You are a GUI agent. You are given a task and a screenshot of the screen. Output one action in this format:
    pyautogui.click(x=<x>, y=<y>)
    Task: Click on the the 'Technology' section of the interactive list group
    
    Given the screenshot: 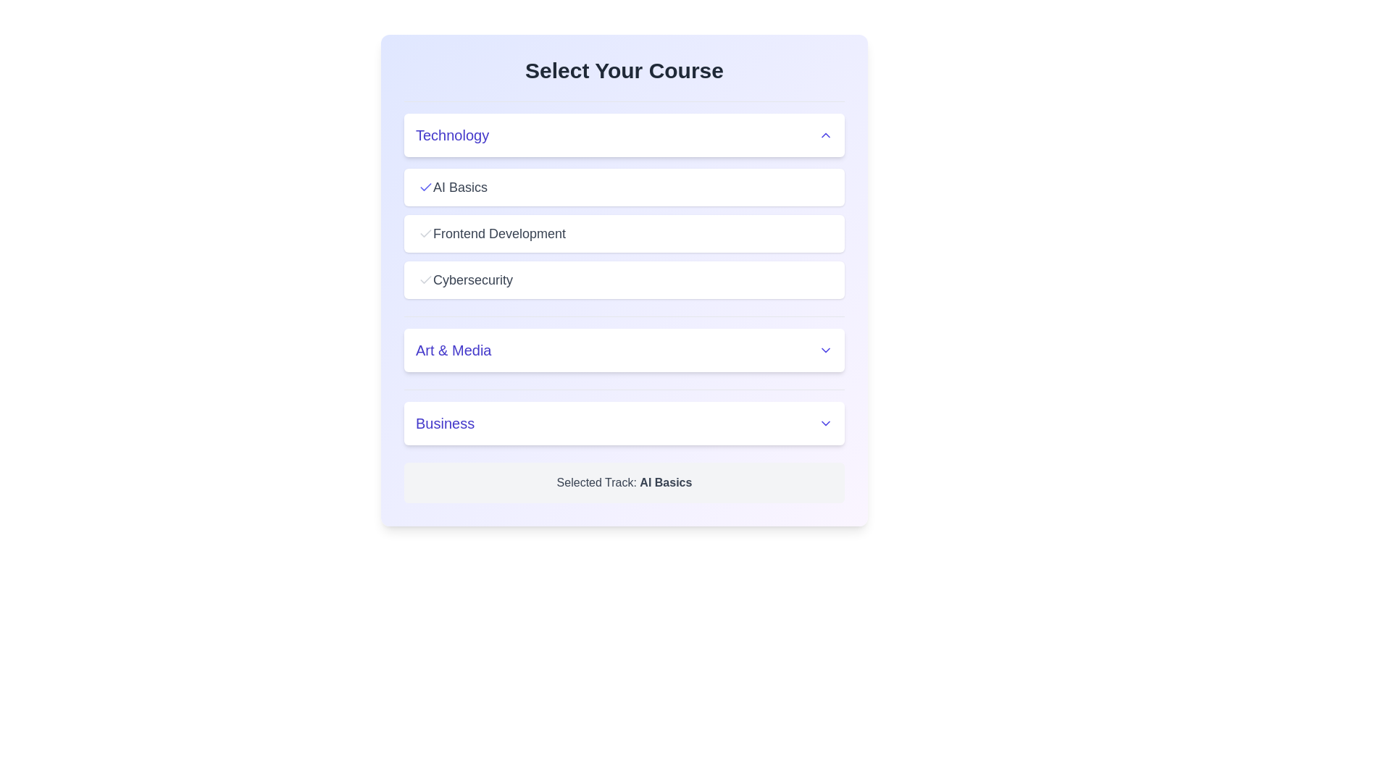 What is the action you would take?
    pyautogui.click(x=625, y=200)
    